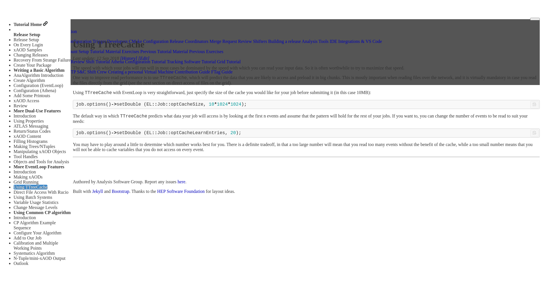  I want to click on 'Objects and Tools for Analysis', so click(41, 162).